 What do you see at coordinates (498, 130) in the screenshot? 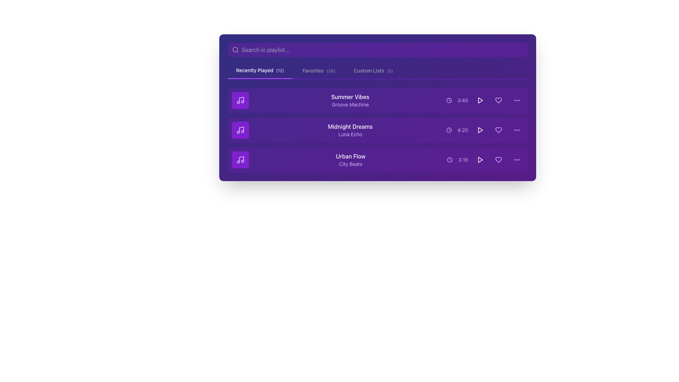
I see `the heart icon with a purple outline in the 'Midnight Dreams' track of the playlist` at bounding box center [498, 130].